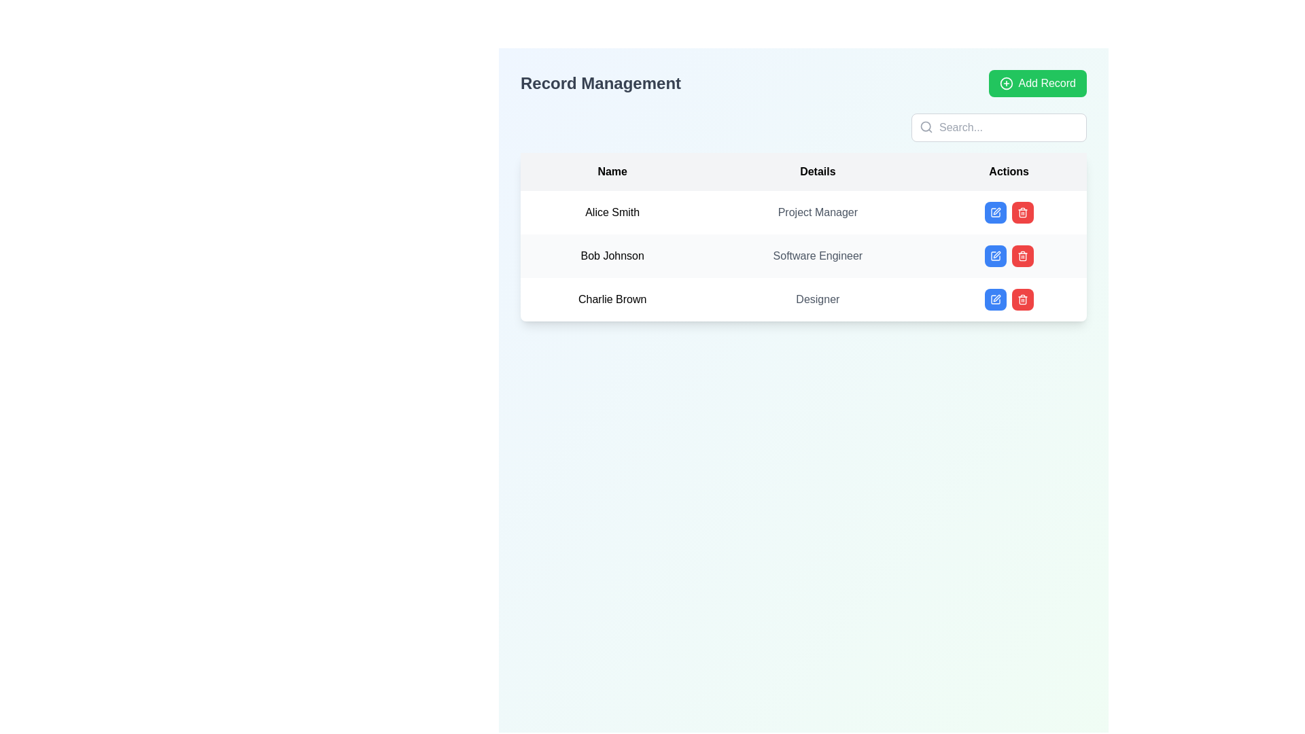 This screenshot has width=1305, height=734. Describe the element at coordinates (995, 212) in the screenshot. I see `the first button in the 'Actions' column of the table associated with the 'Project Manager' record` at that location.